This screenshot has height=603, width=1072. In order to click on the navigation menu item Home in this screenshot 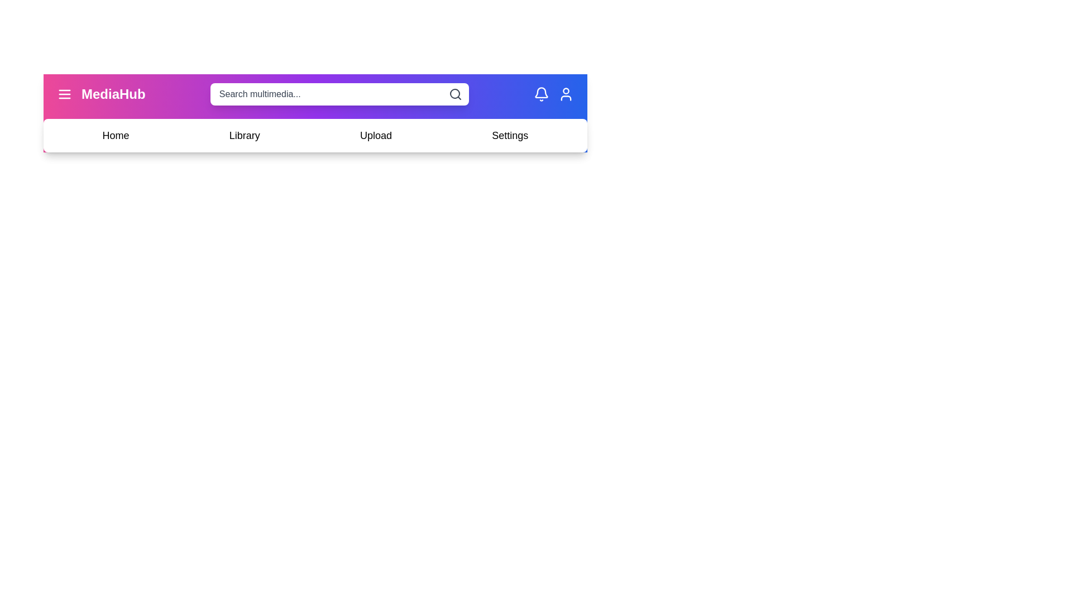, I will do `click(116, 135)`.